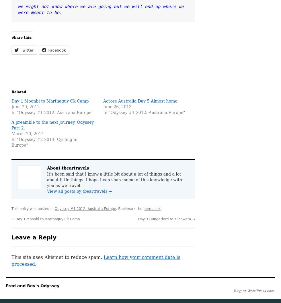  Describe the element at coordinates (57, 257) in the screenshot. I see `'This site uses Akismet to reduce spam.'` at that location.